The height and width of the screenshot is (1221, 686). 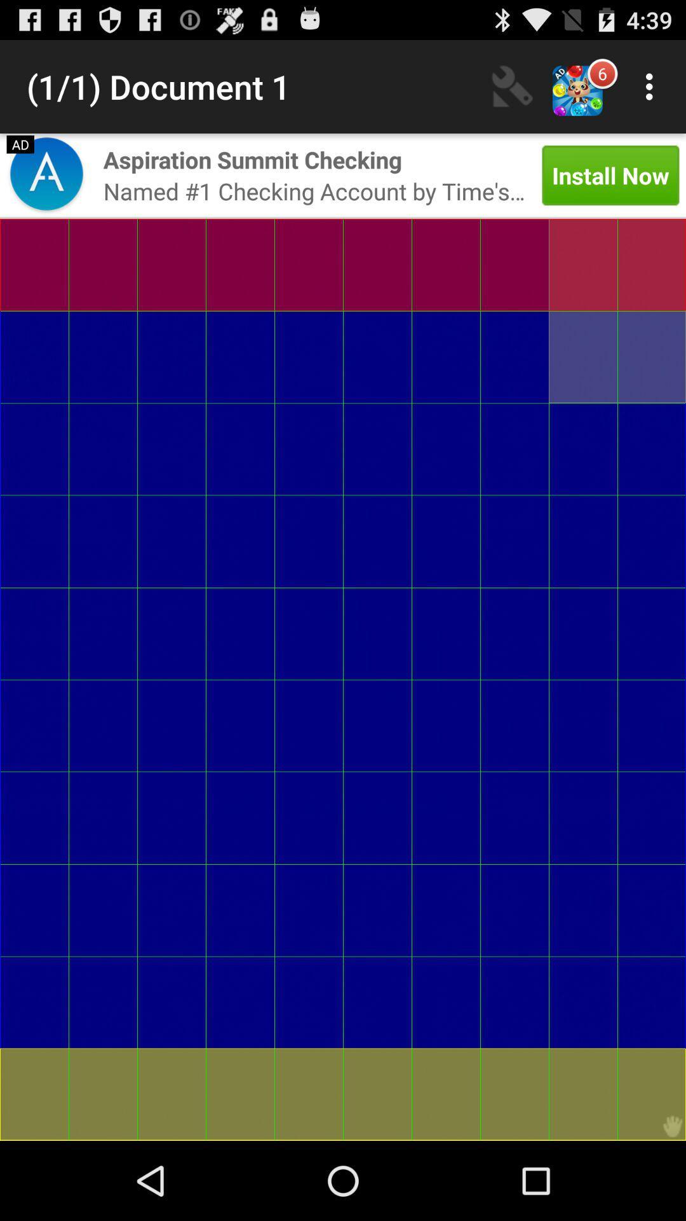 What do you see at coordinates (610, 174) in the screenshot?
I see `install now` at bounding box center [610, 174].